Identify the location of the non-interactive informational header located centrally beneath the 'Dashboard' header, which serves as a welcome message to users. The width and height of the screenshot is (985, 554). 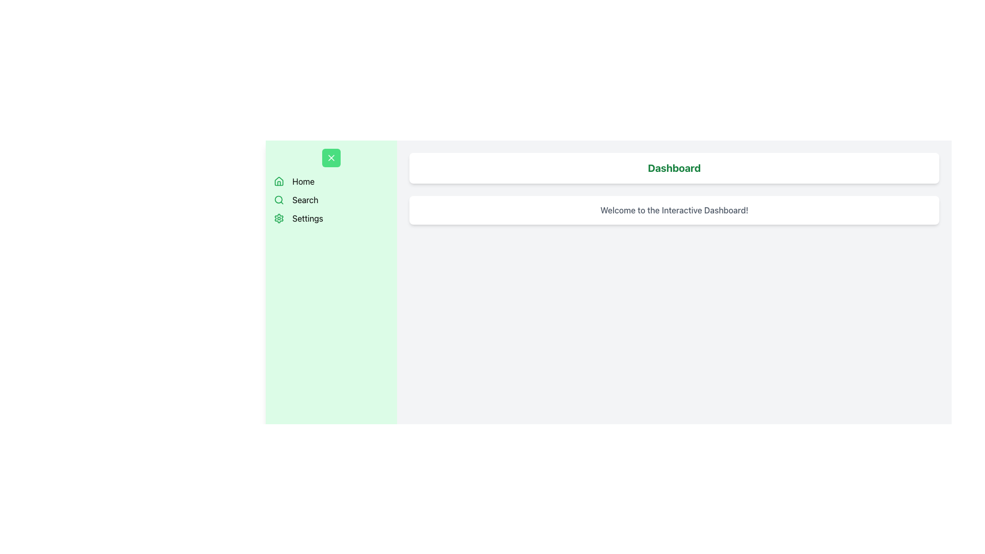
(674, 209).